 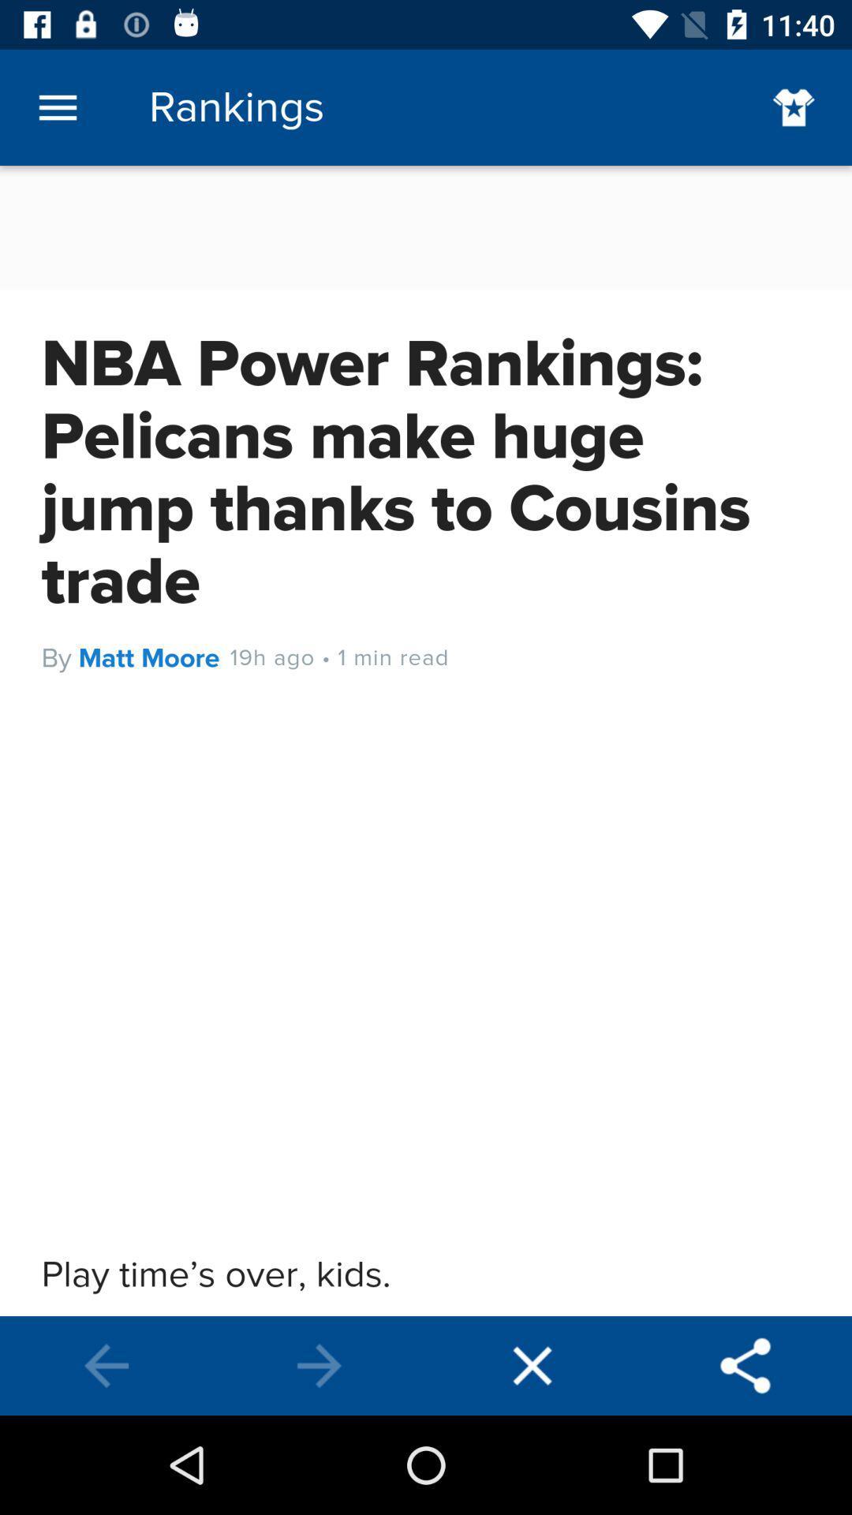 What do you see at coordinates (426, 740) in the screenshot?
I see `rankings page` at bounding box center [426, 740].